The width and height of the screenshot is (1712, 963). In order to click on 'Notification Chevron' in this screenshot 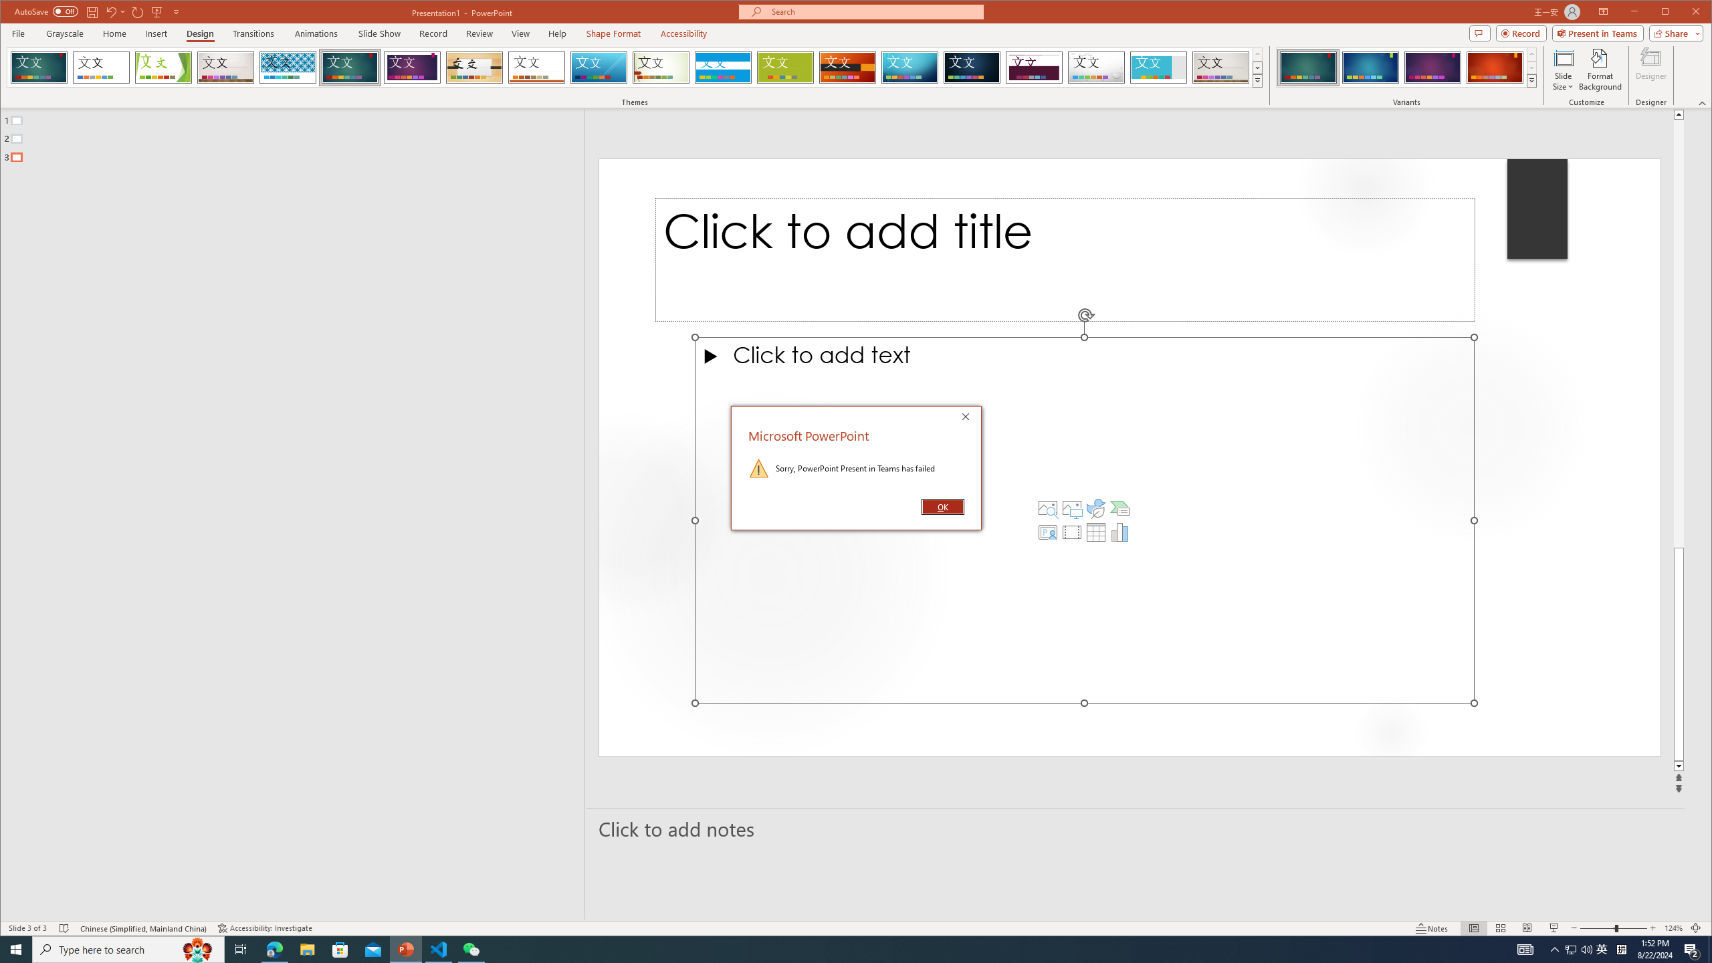, I will do `click(1554, 948)`.